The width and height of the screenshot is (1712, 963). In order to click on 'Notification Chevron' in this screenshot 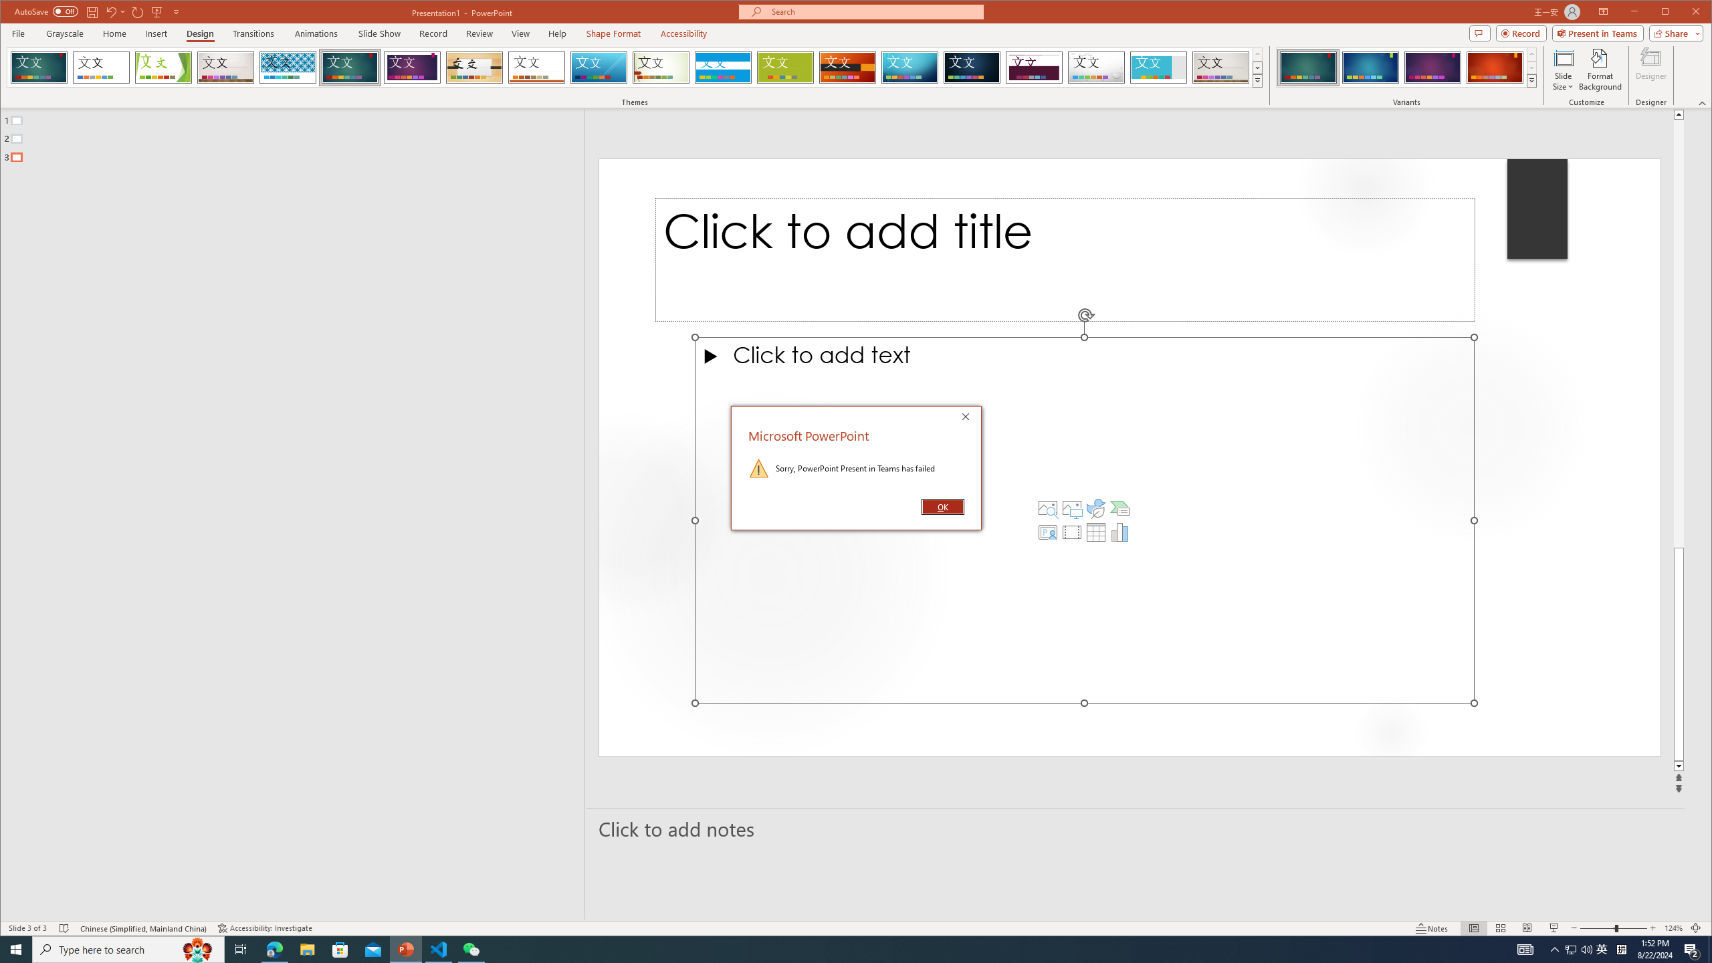, I will do `click(1554, 948)`.